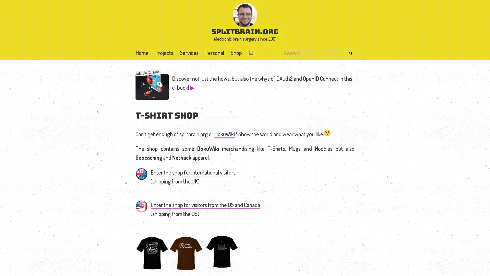 The image size is (490, 276). I want to click on Search, so click(350, 53).